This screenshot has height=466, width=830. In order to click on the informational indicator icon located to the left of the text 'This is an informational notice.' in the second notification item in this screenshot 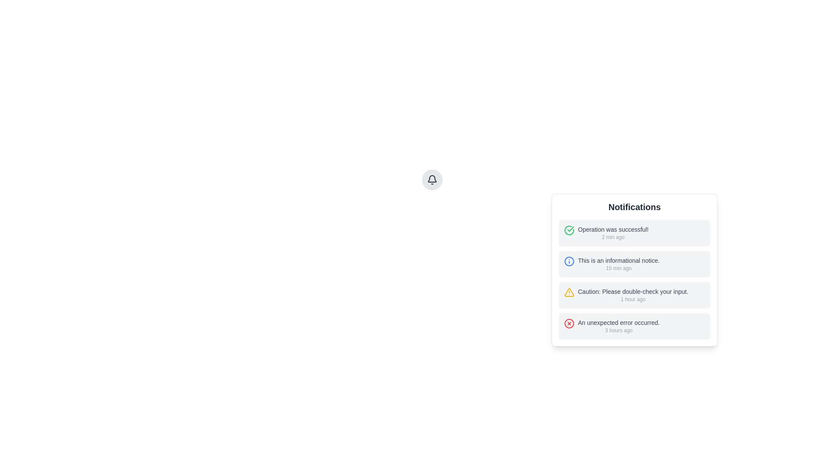, I will do `click(569, 261)`.